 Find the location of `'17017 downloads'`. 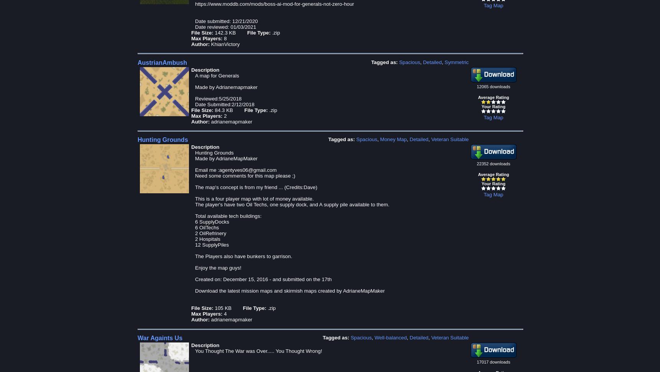

'17017 downloads' is located at coordinates (476, 361).